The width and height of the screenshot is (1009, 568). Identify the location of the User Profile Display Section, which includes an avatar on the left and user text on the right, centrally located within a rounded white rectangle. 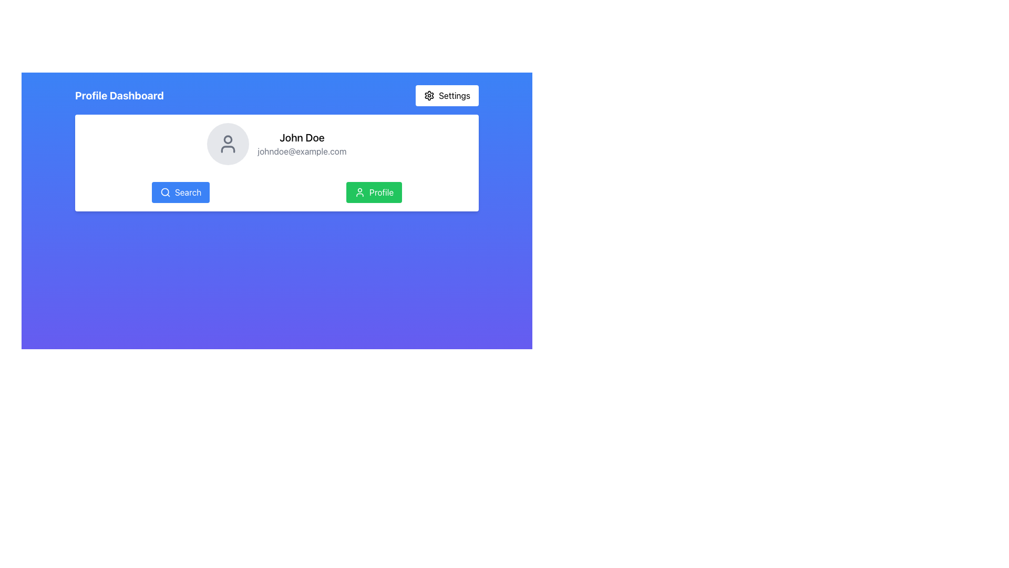
(277, 144).